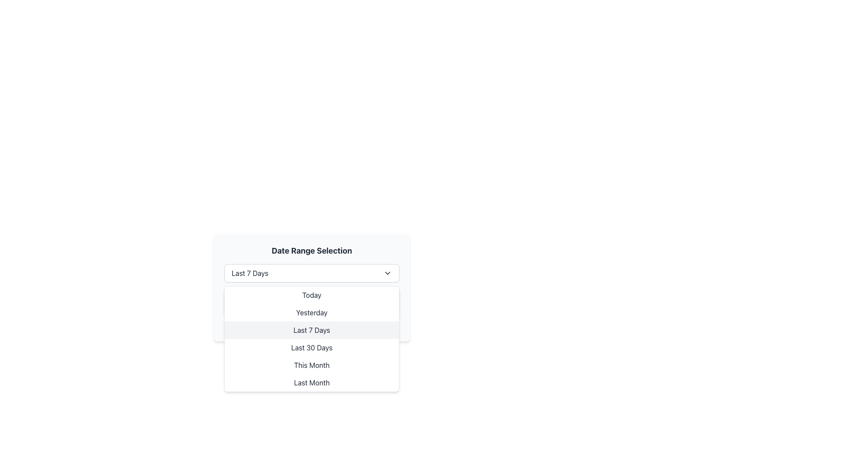 This screenshot has height=473, width=841. Describe the element at coordinates (311, 251) in the screenshot. I see `the Text label that identifies the section for selecting a date range, positioned above the dropdown menu and other related options` at that location.